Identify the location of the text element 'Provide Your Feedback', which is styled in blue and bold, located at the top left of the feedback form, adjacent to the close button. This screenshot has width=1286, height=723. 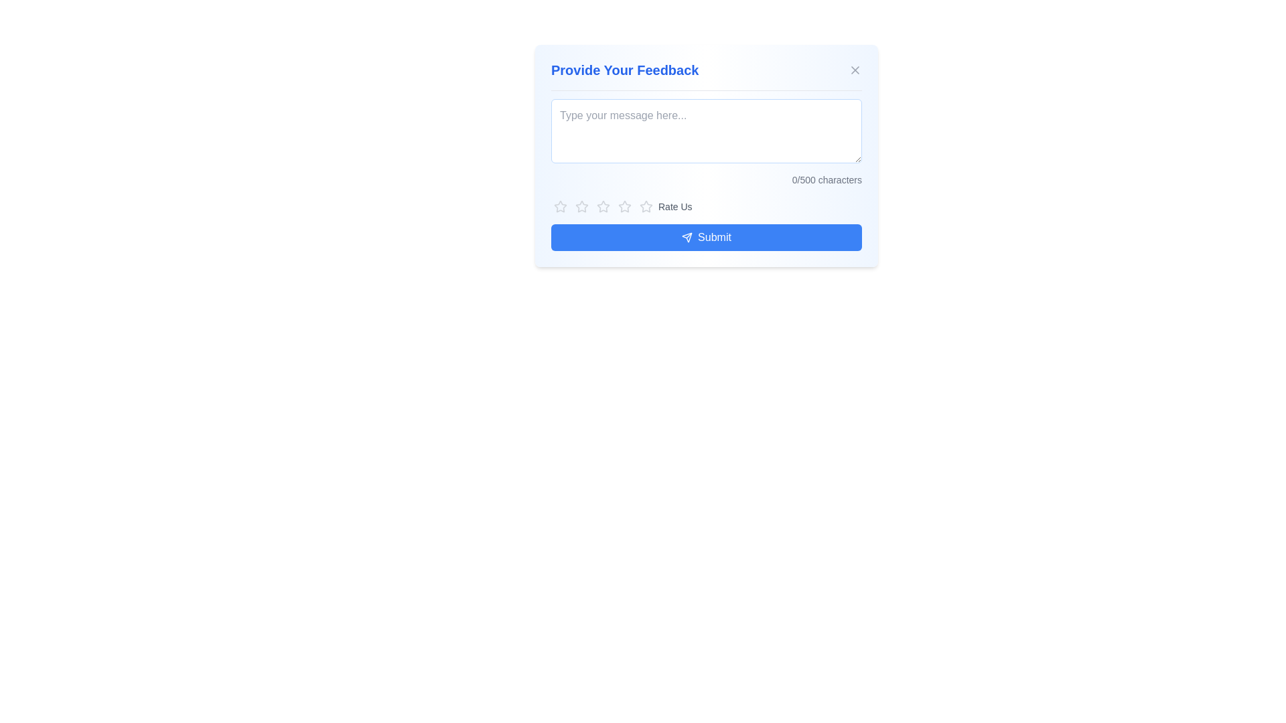
(624, 70).